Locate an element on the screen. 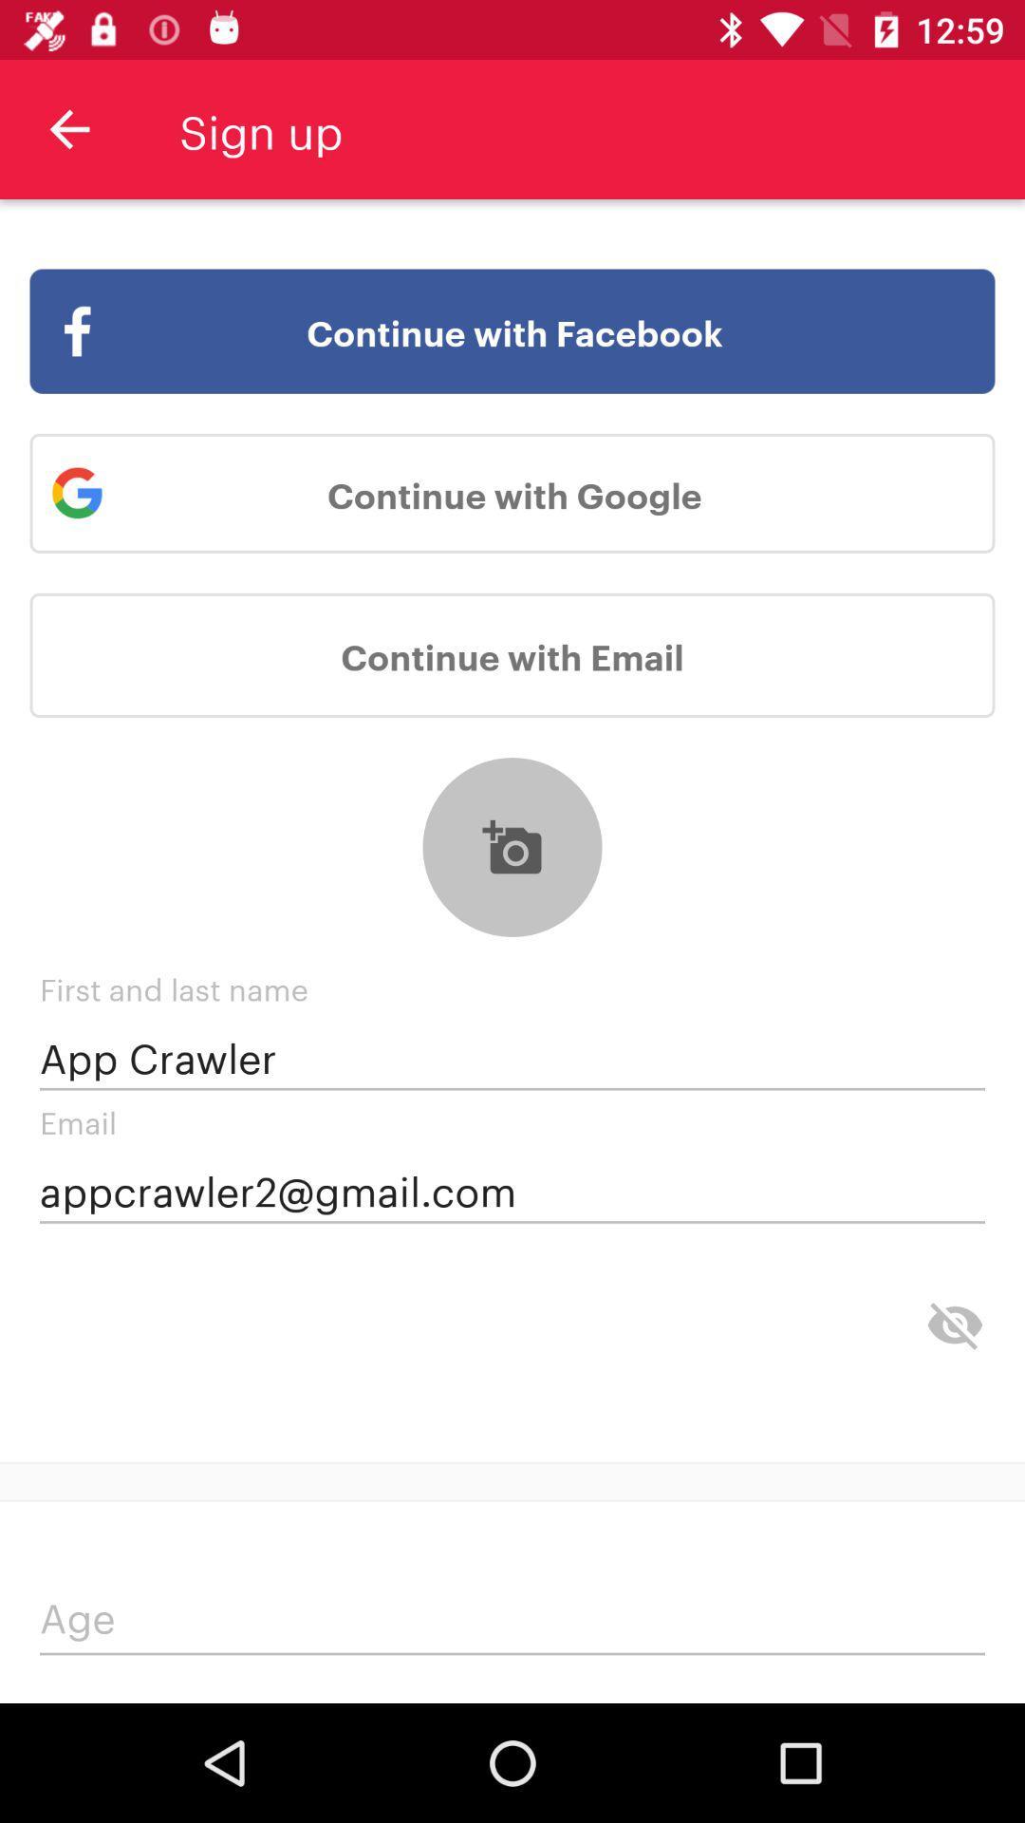  the visibility icon is located at coordinates (955, 1325).